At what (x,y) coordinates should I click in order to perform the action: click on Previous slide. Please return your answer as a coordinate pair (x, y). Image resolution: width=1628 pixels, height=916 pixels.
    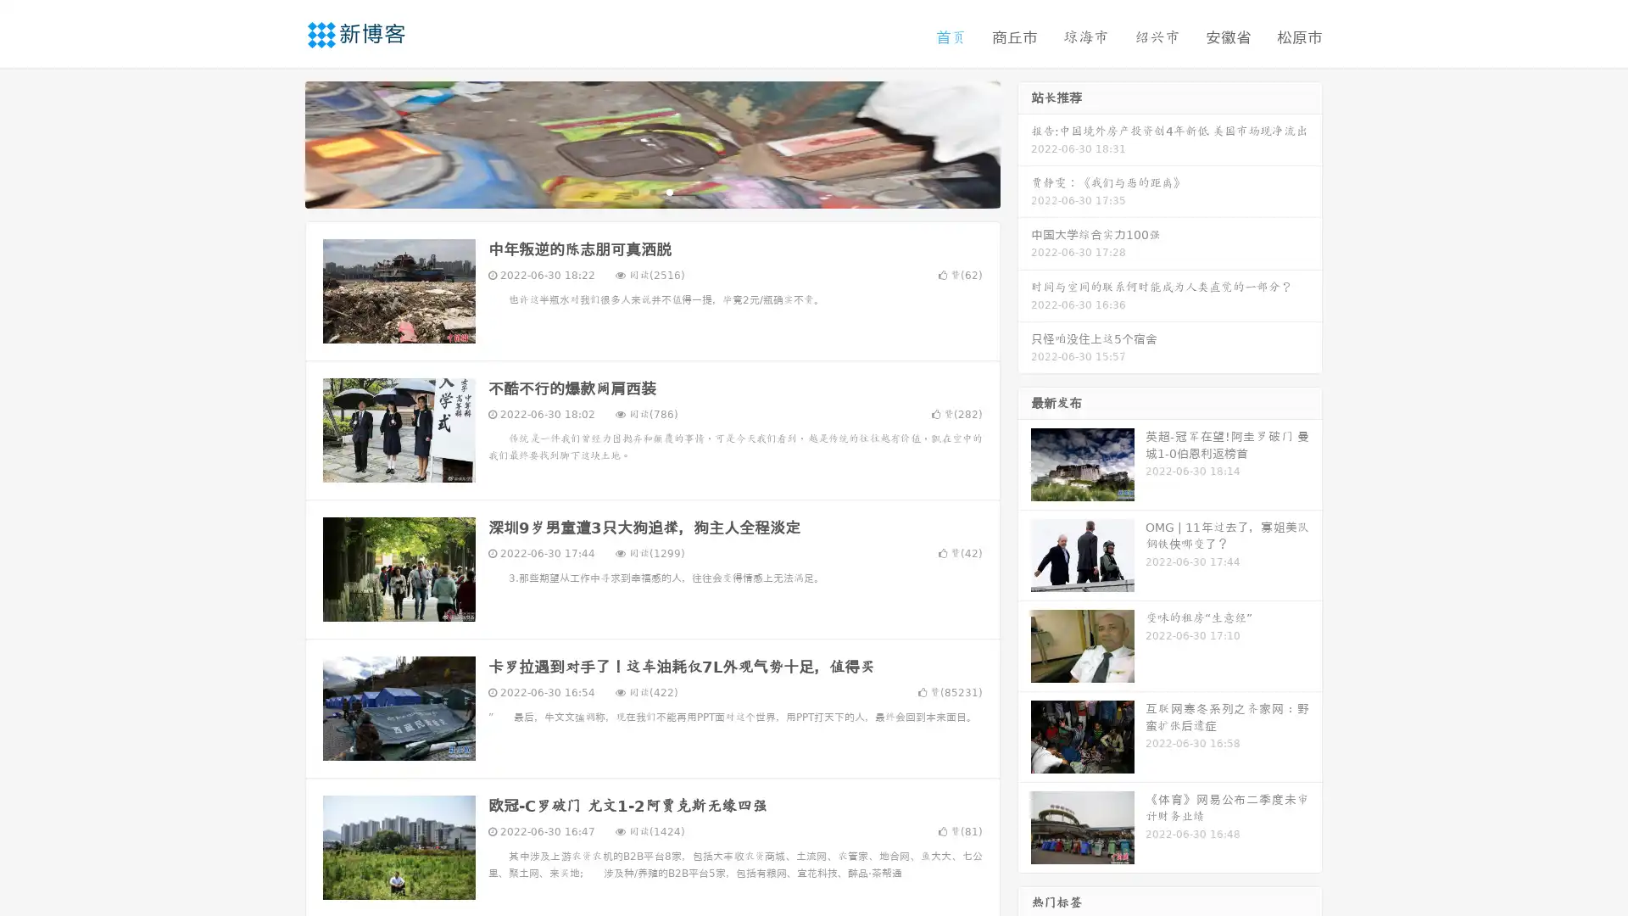
    Looking at the image, I should click on (280, 142).